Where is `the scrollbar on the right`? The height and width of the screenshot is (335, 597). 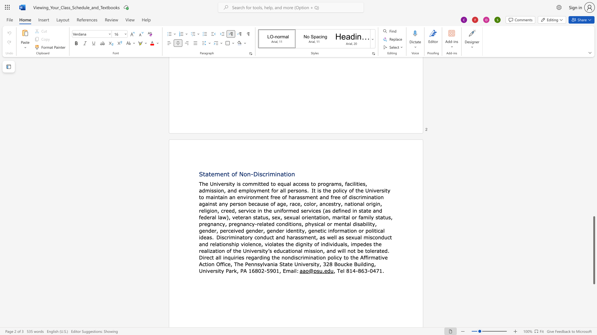 the scrollbar on the right is located at coordinates (594, 124).